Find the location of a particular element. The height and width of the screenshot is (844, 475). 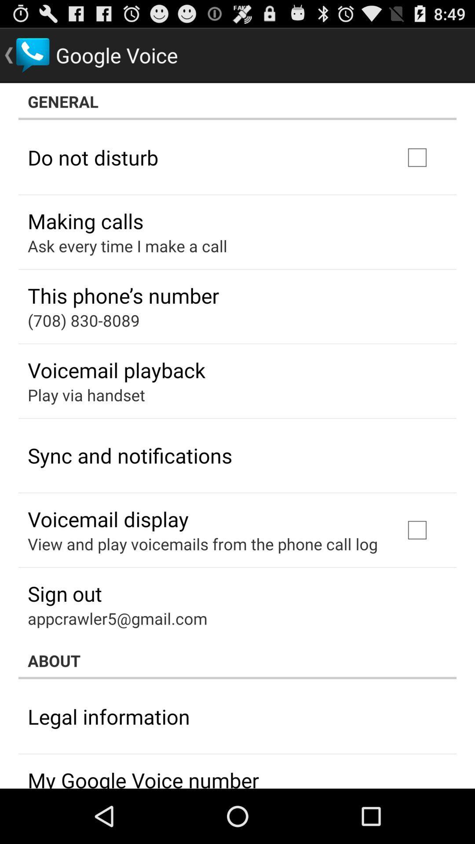

app below the play via handset is located at coordinates (130, 455).